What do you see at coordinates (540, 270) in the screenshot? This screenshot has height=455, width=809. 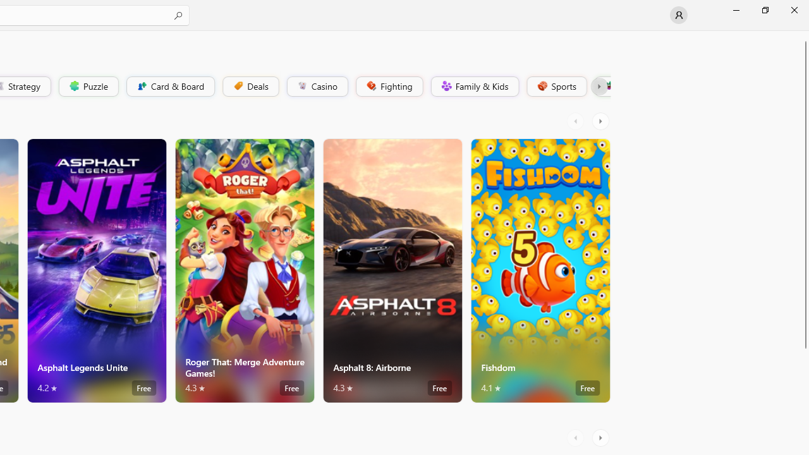 I see `'Fishdom. Average rating of 4.1 out of five stars. Free  '` at bounding box center [540, 270].